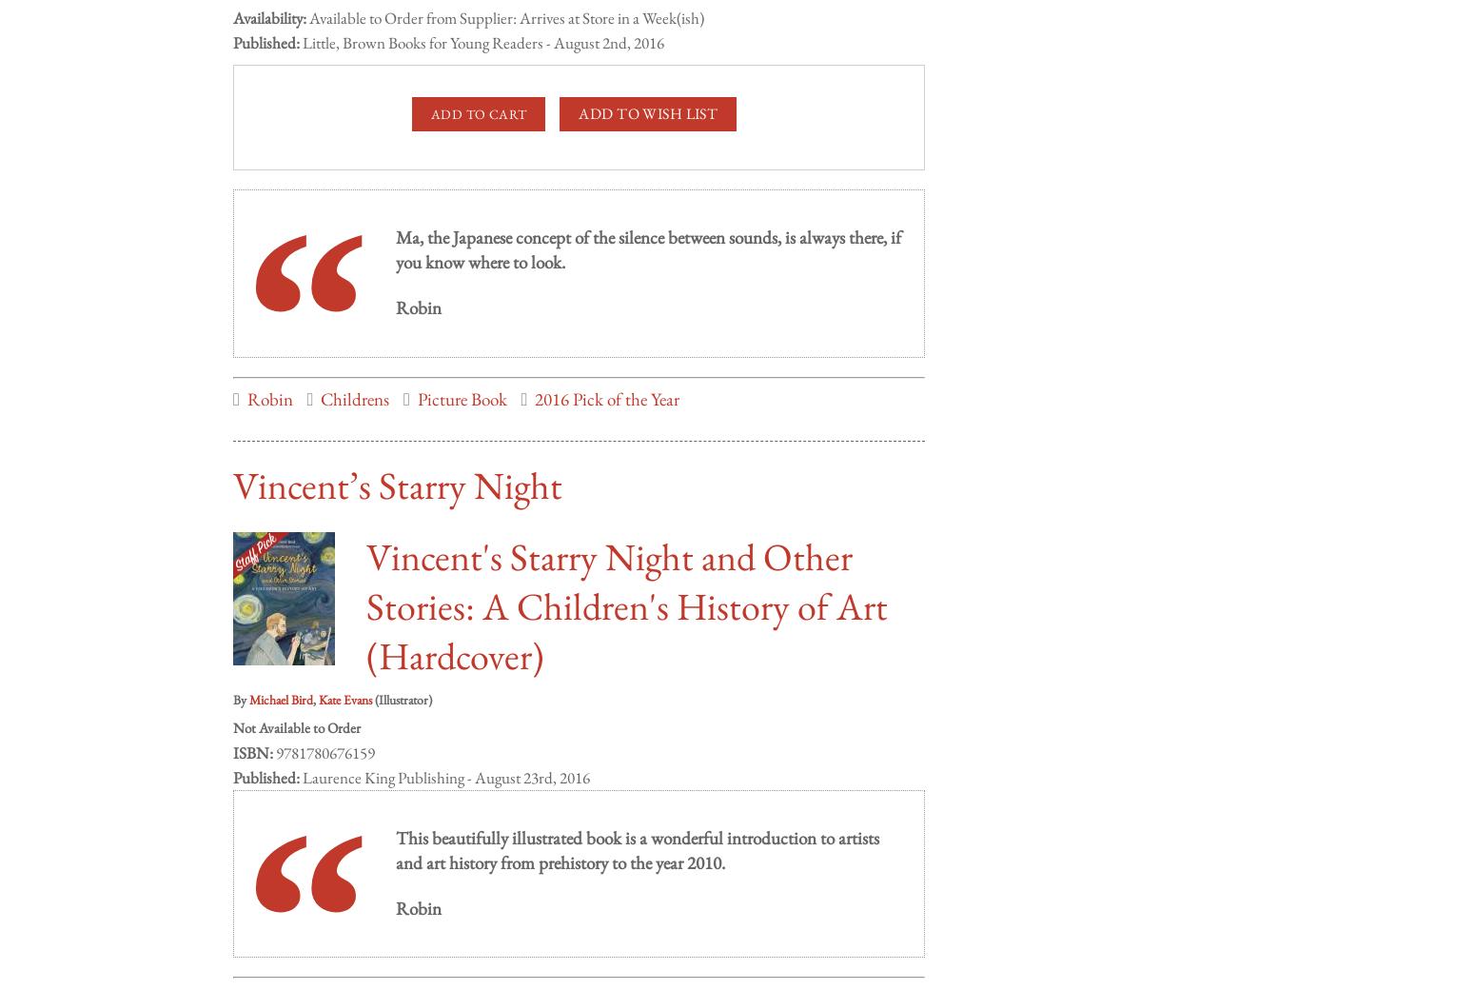  I want to click on 'Not Available to Order', so click(296, 708).